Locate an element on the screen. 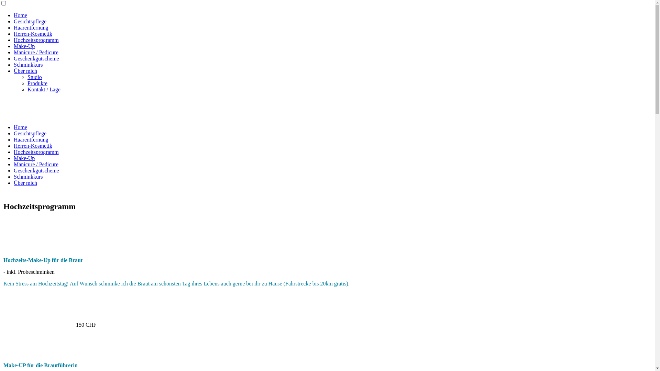 Image resolution: width=660 pixels, height=371 pixels. 'Gesichtspflege' is located at coordinates (13, 133).